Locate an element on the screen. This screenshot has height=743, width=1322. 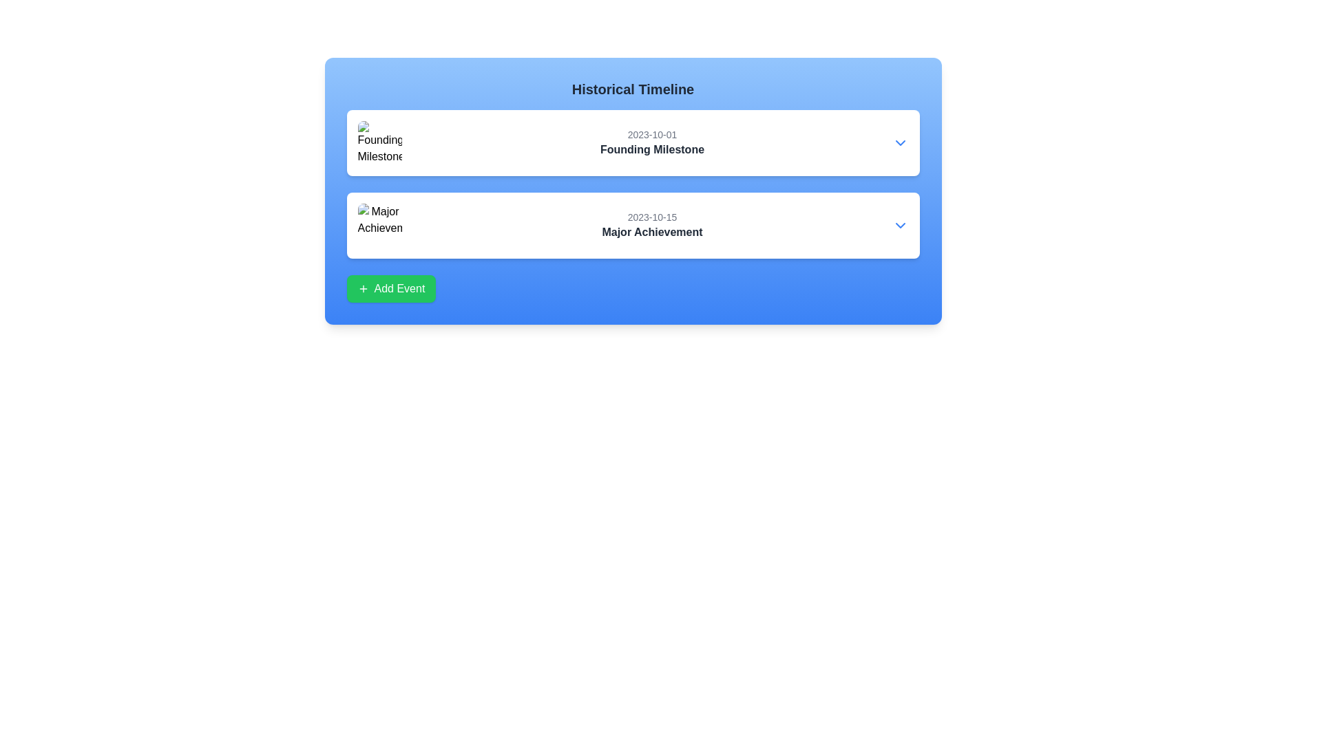
the small rounded square icon located to the left of the text 'Major Achievement' in the timeline entry dated 2023-10-15 is located at coordinates (379, 224).